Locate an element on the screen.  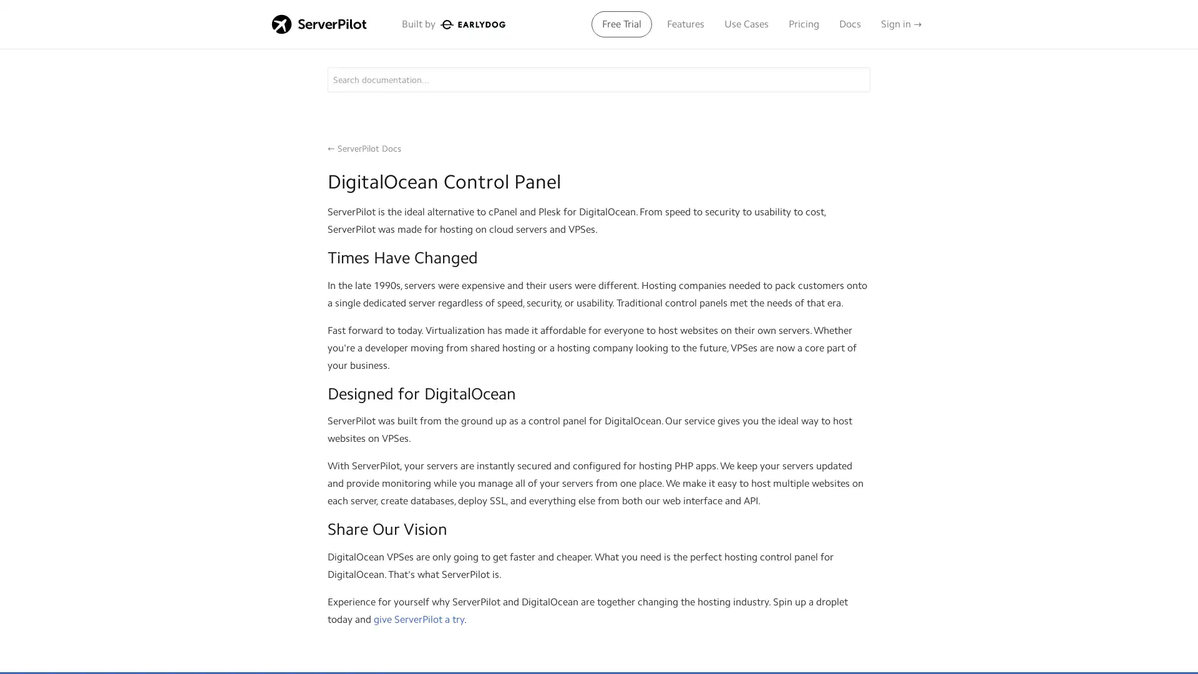
Use Cases is located at coordinates (746, 24).